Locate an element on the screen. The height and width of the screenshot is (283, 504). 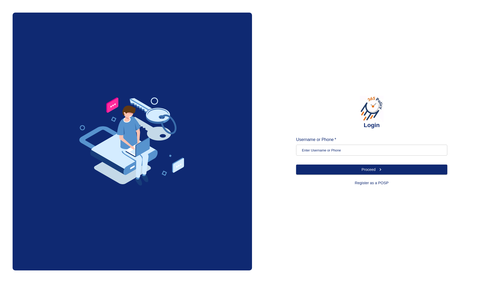
'Register as a POSP' is located at coordinates (296, 183).